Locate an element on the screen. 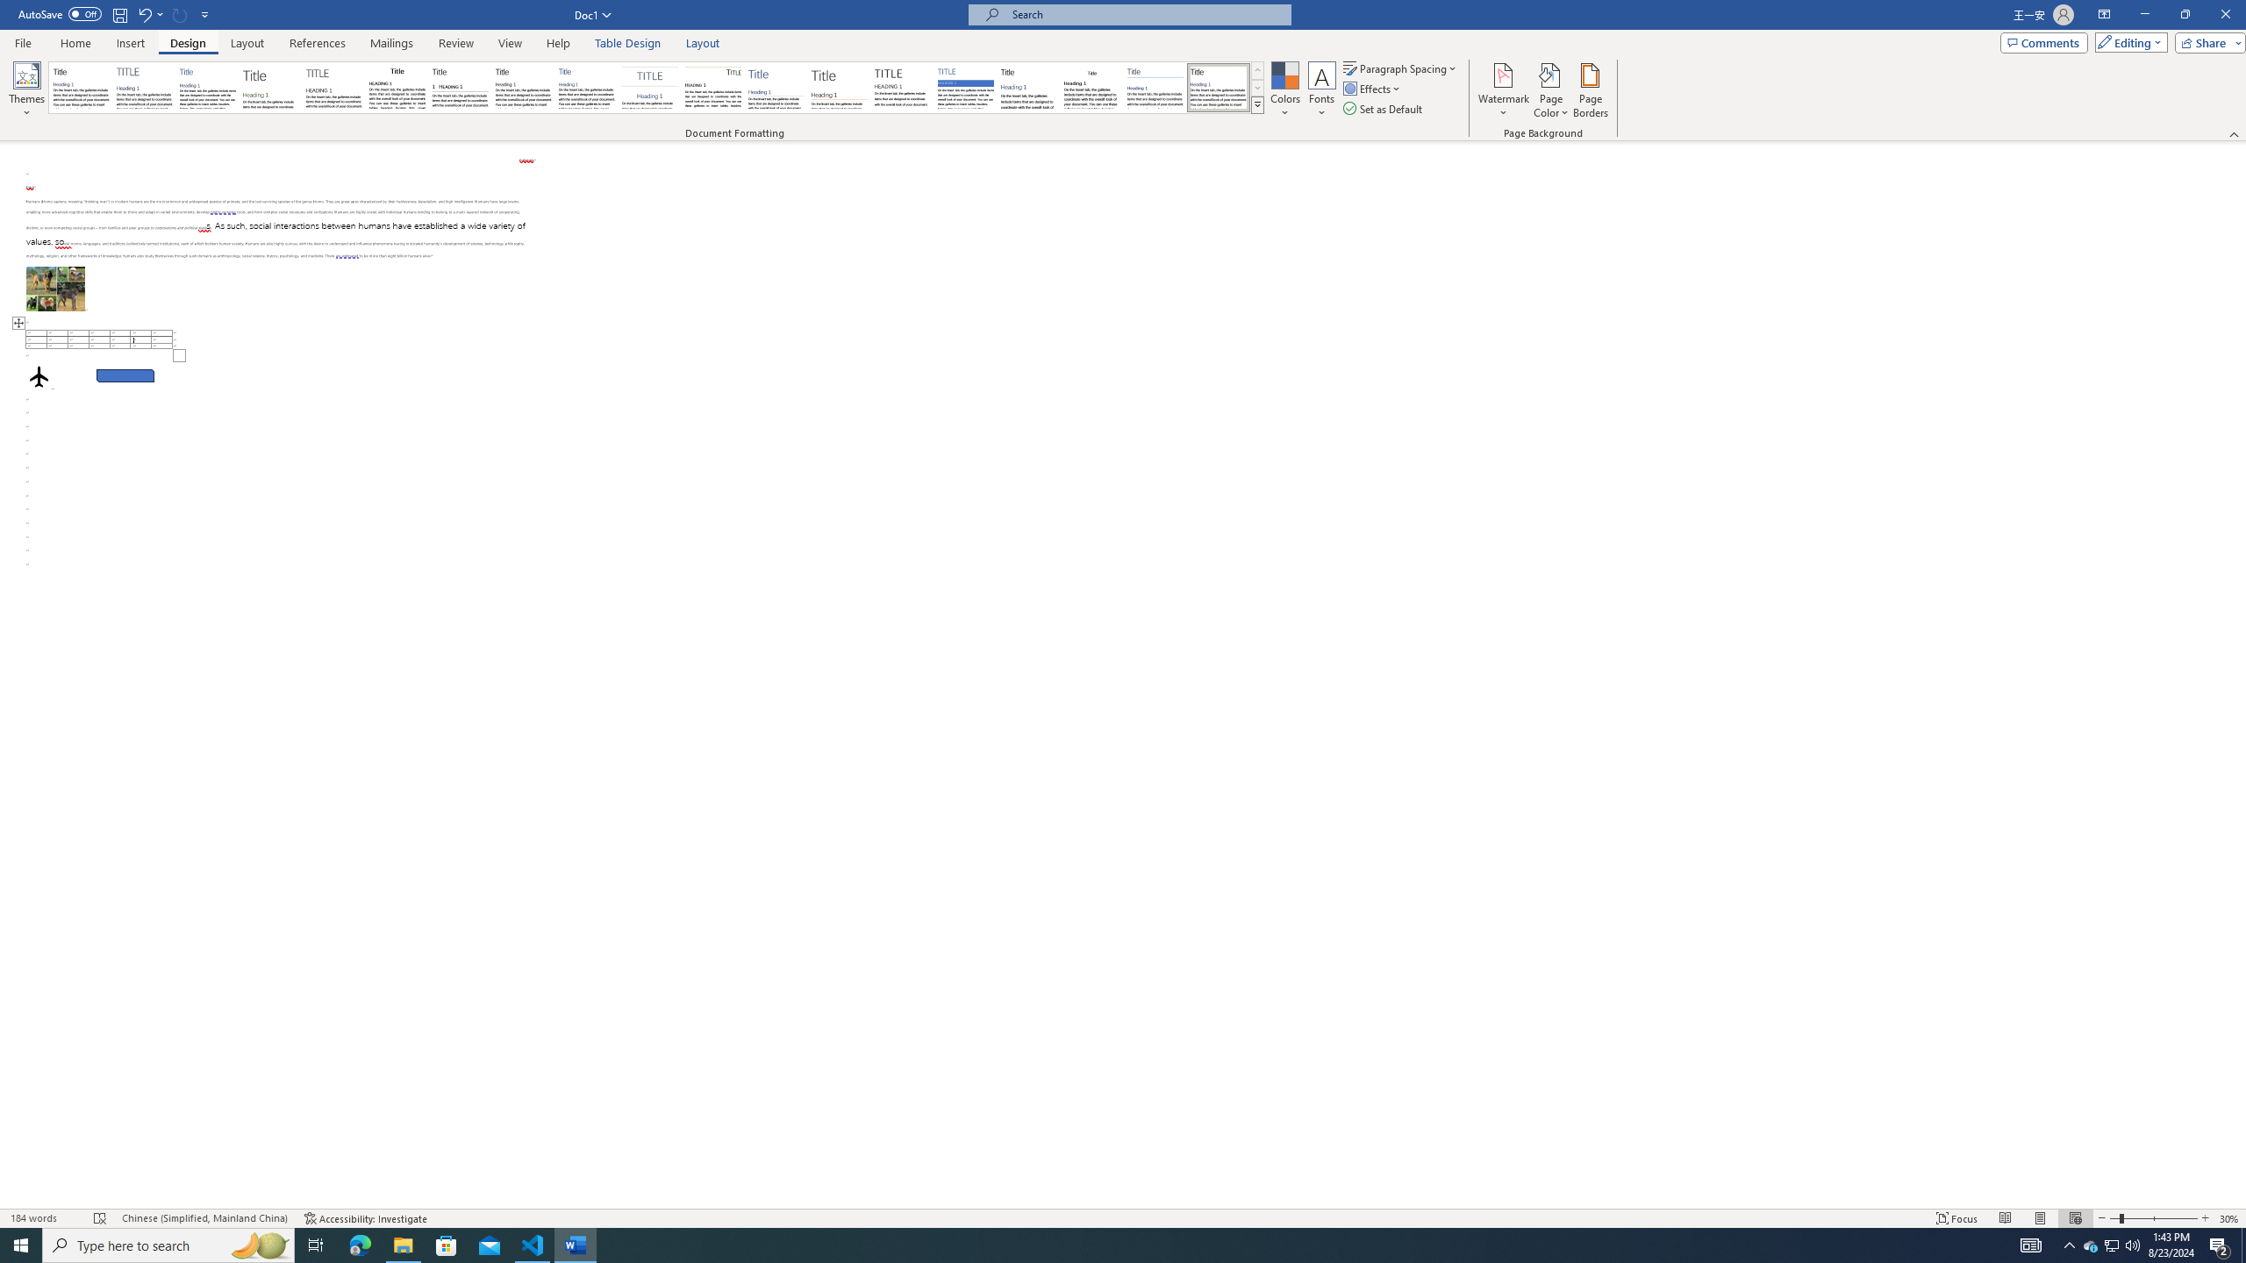 The image size is (2246, 1263). 'Lines (Stylish)' is located at coordinates (840, 87).